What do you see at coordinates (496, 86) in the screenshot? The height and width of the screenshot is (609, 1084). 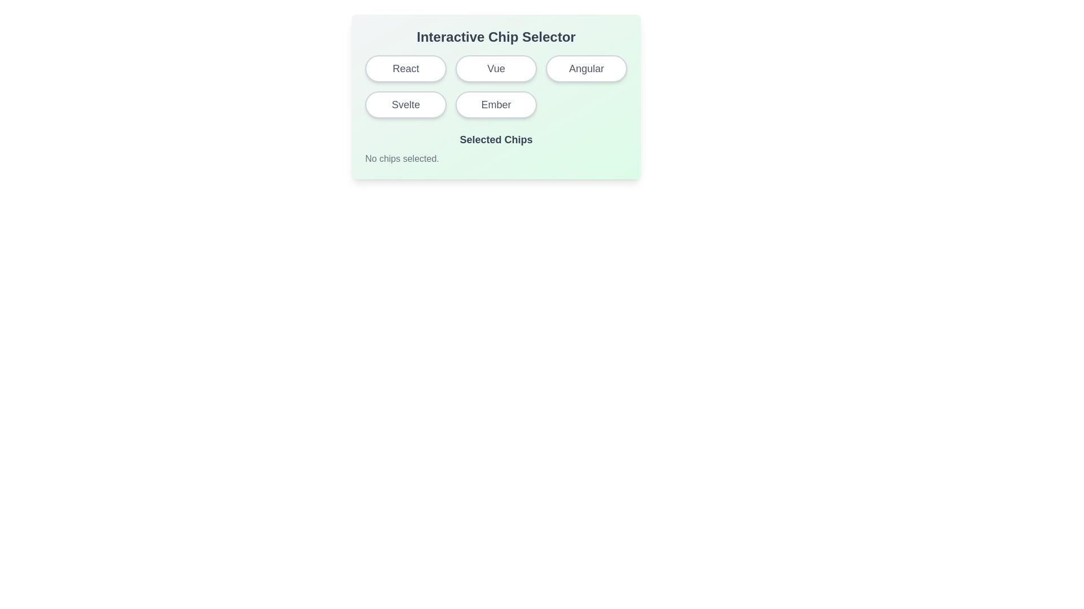 I see `the individual interactive button within the Grid layout of the 'Interactive Chip Selector'` at bounding box center [496, 86].